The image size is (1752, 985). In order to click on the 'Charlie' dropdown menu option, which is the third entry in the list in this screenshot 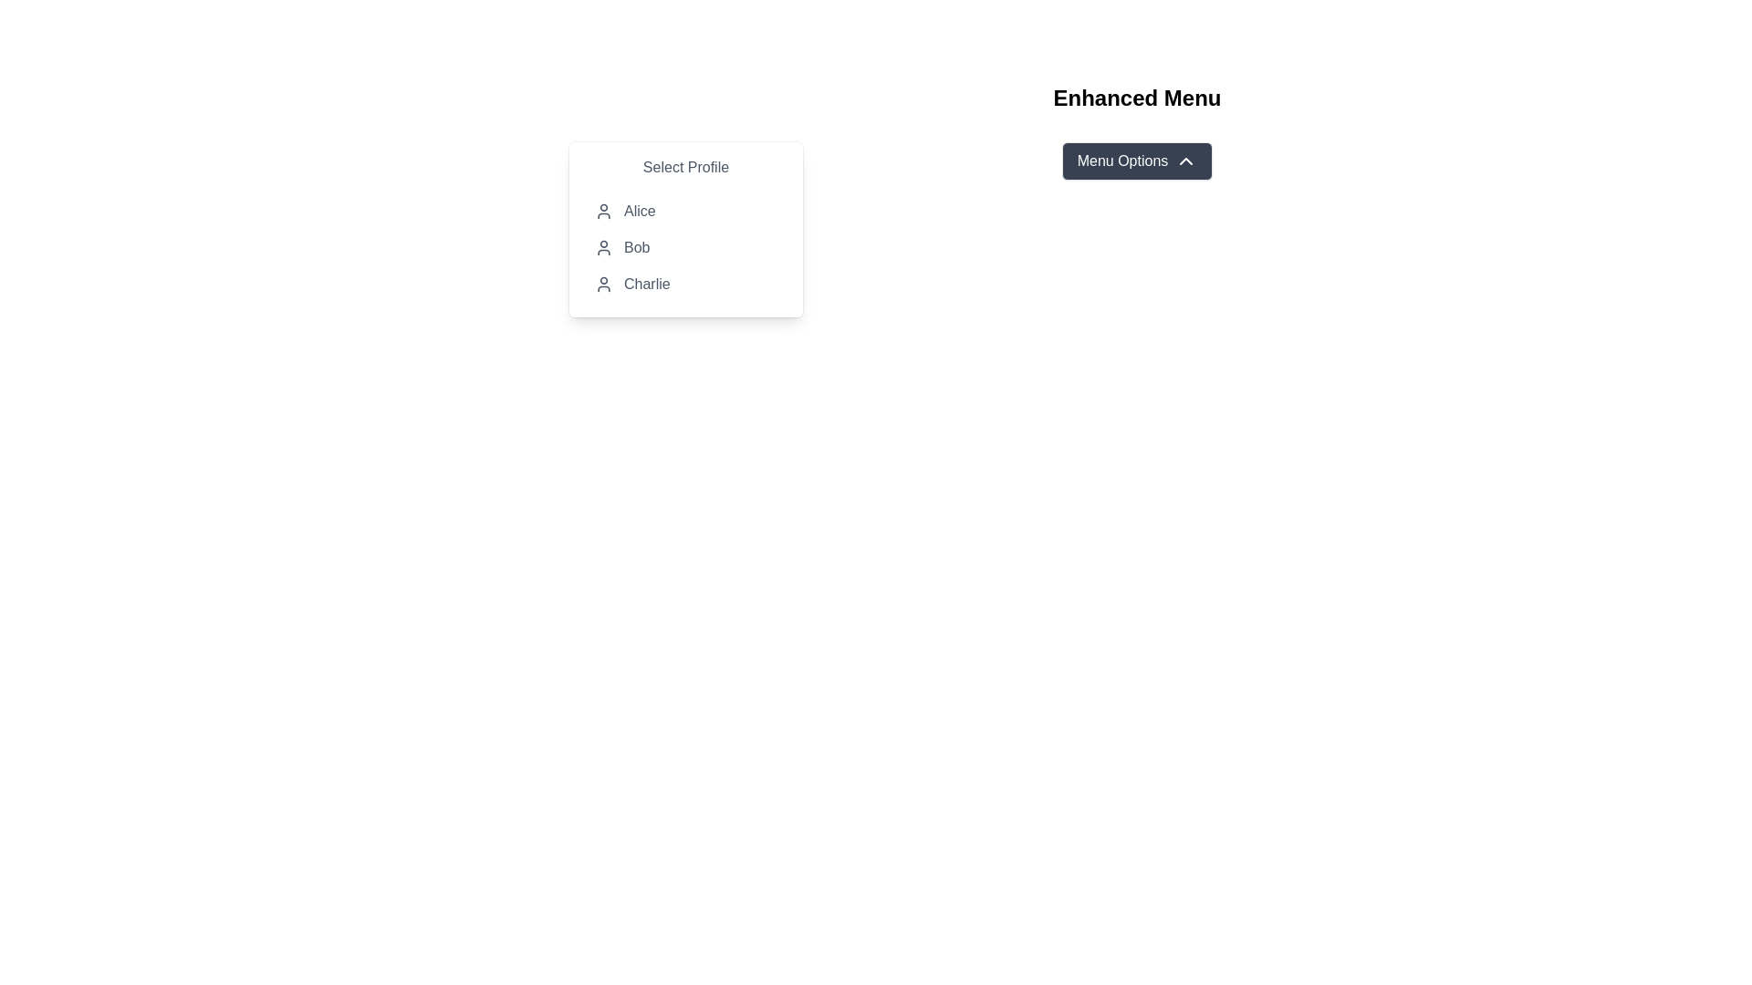, I will do `click(685, 285)`.